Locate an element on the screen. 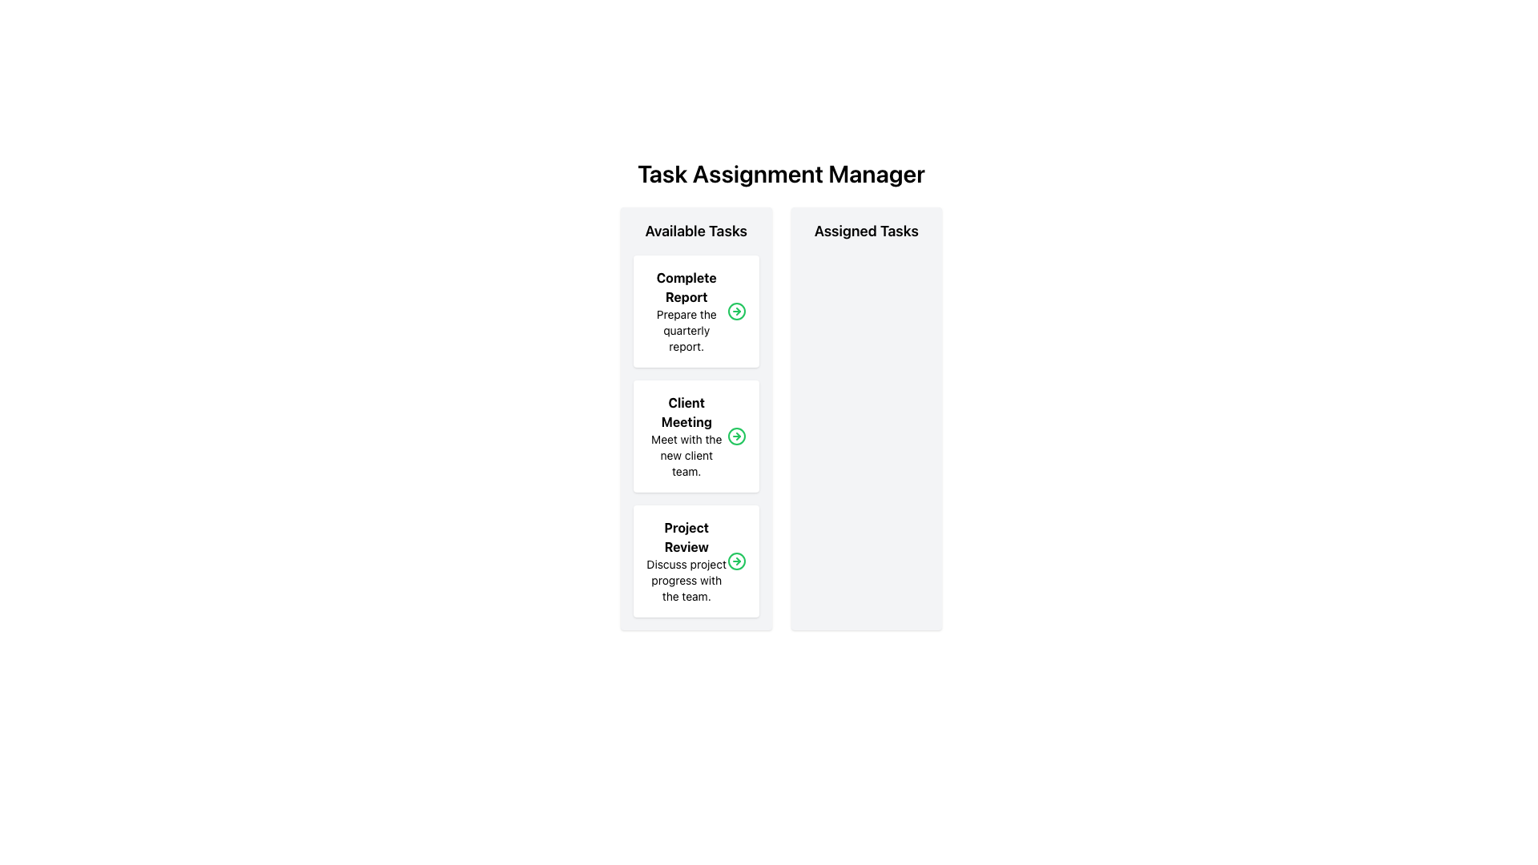  the circular graphical component representing an arrow within a circle on the second task item in the 'Available Tasks' list is located at coordinates (735, 312).